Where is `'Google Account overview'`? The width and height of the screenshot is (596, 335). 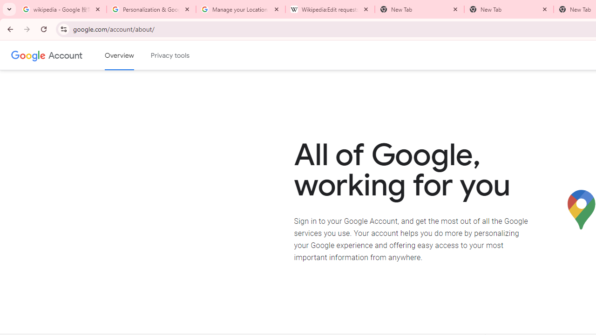 'Google Account overview' is located at coordinates (119, 55).